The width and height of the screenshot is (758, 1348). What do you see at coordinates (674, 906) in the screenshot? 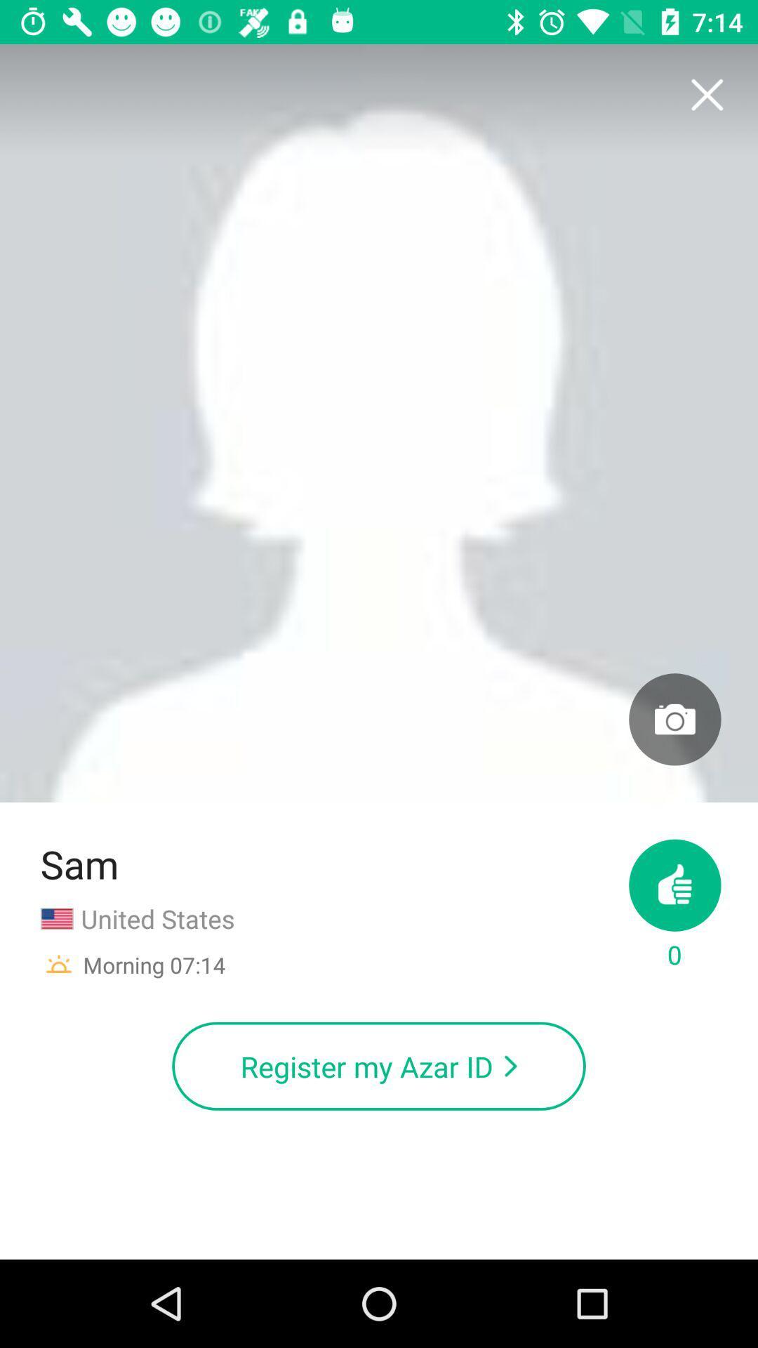
I see `0 at the bottom right corner` at bounding box center [674, 906].